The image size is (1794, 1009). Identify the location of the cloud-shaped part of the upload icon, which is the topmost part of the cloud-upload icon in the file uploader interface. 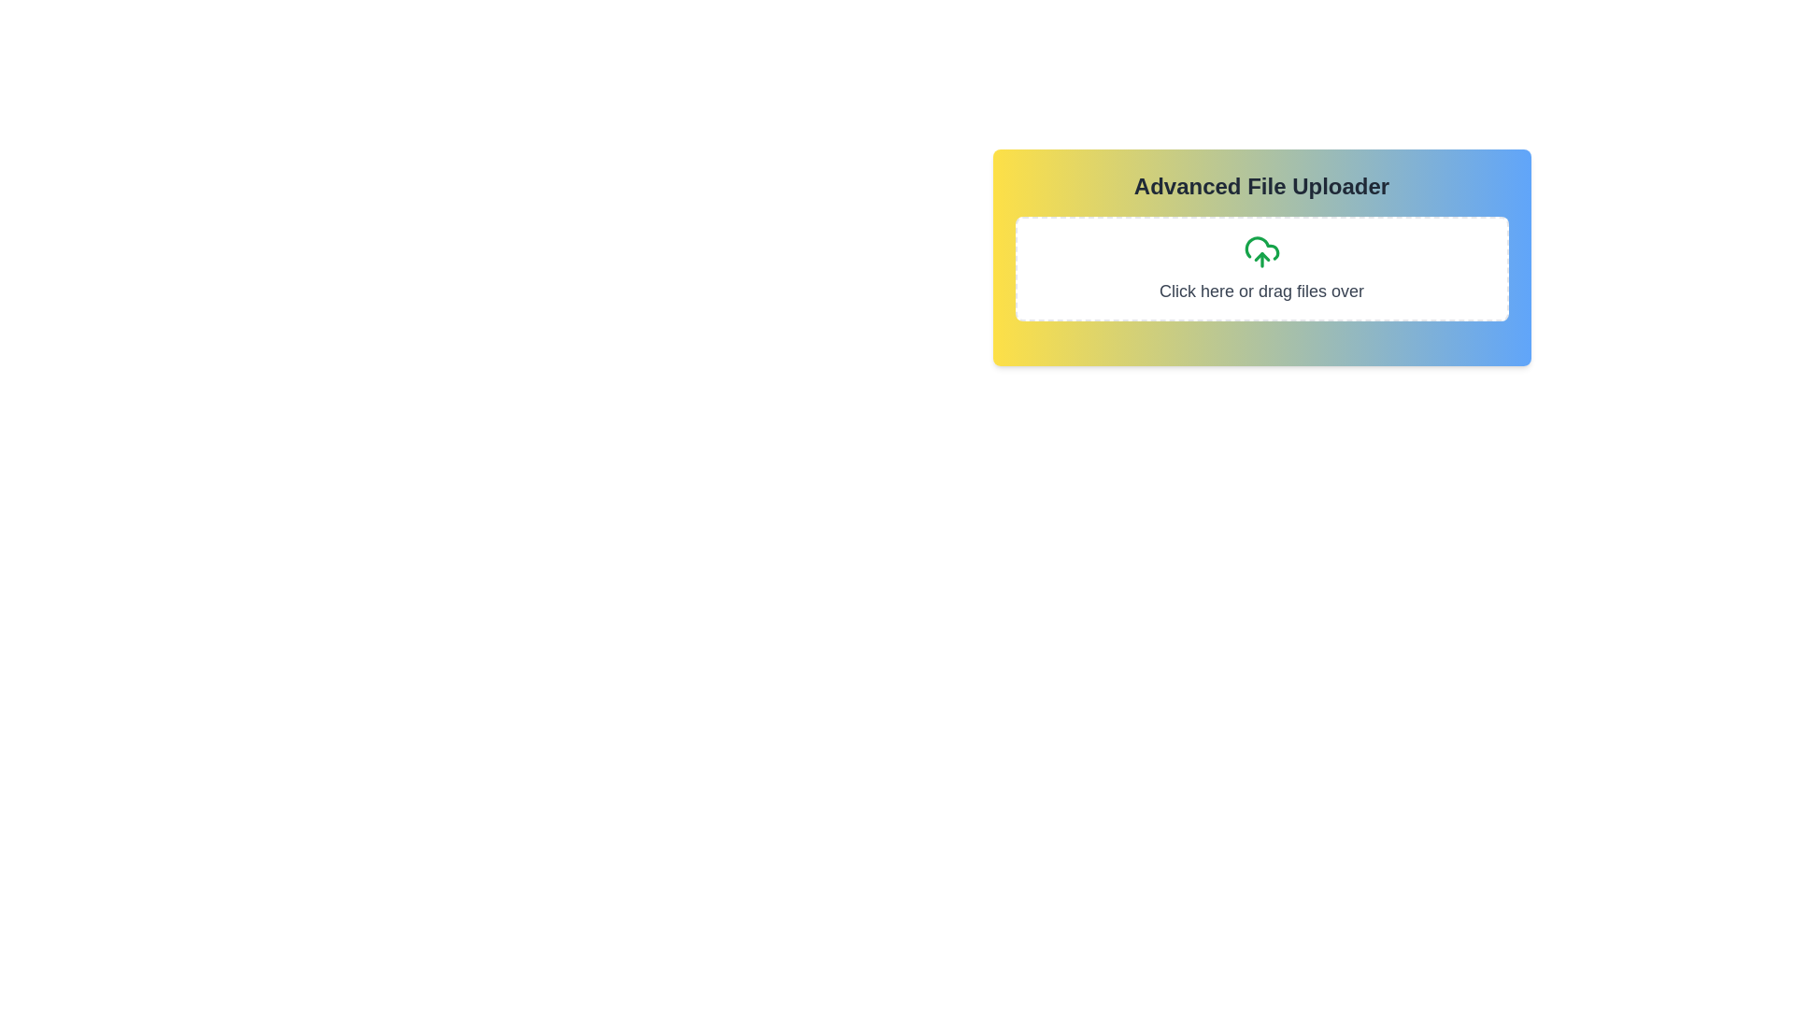
(1261, 248).